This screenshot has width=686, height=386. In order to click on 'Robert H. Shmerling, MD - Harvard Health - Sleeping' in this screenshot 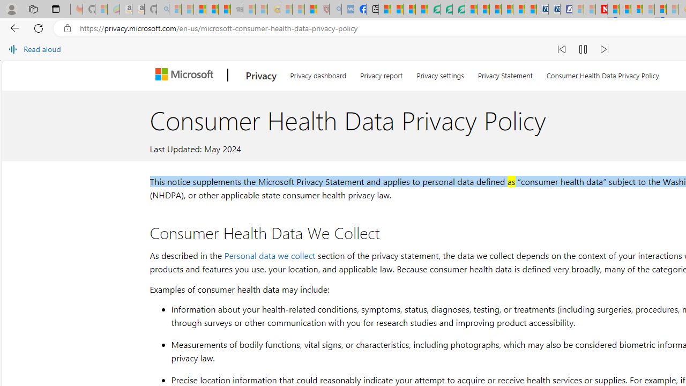, I will do `click(322, 9)`.